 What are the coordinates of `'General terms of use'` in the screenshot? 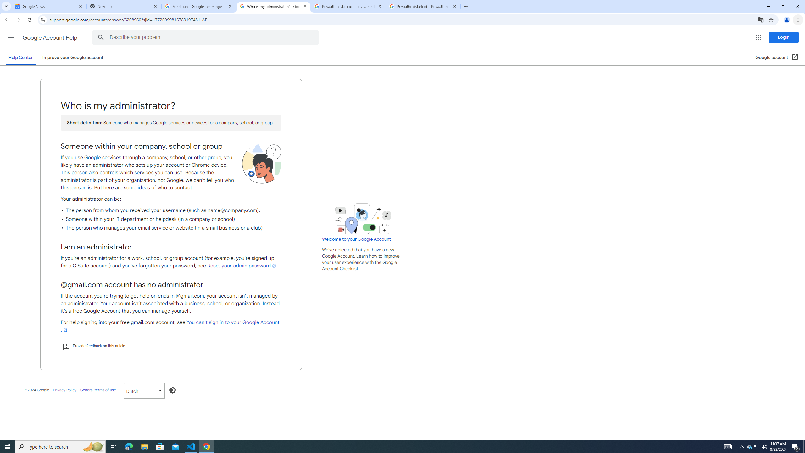 It's located at (97, 389).